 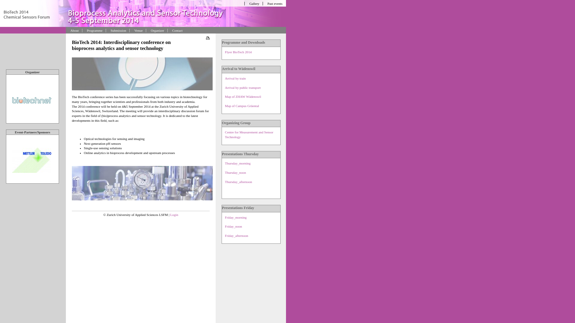 What do you see at coordinates (236, 235) in the screenshot?
I see `'Friday_afternoon'` at bounding box center [236, 235].